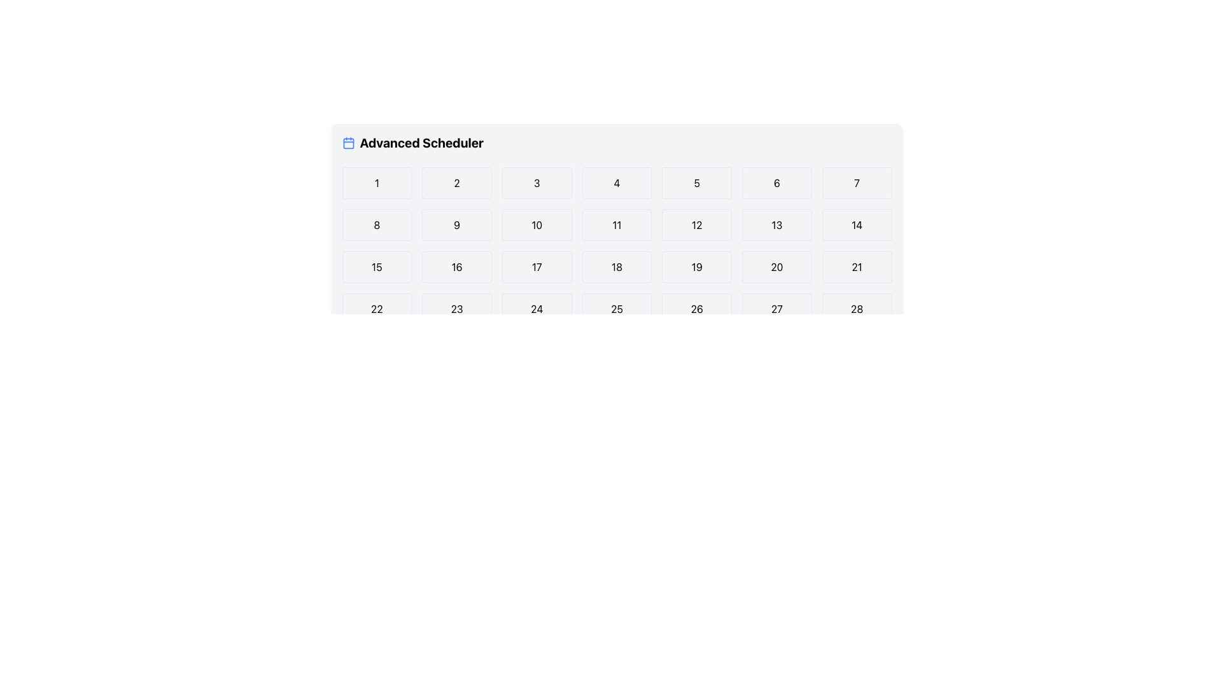 Image resolution: width=1222 pixels, height=687 pixels. I want to click on the selectable item button in the grid of the 'Advanced Scheduler', so click(537, 183).